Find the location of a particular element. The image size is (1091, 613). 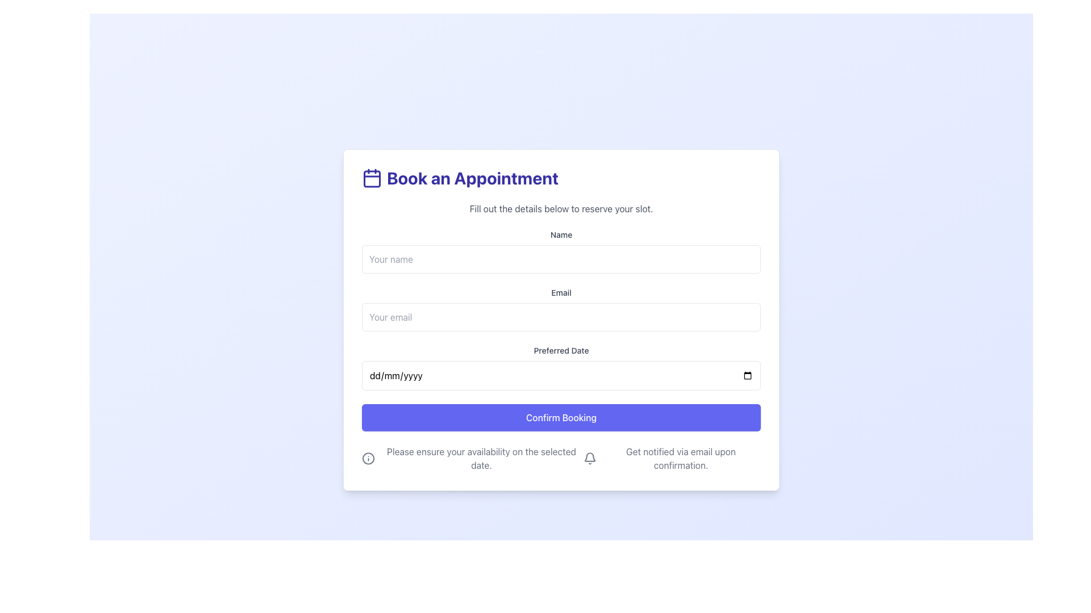

the bell icon representing email alerts located to the left of the text 'Get notified via email upon confirmation.' in the bottom-right corner of the viewport is located at coordinates (590, 457).